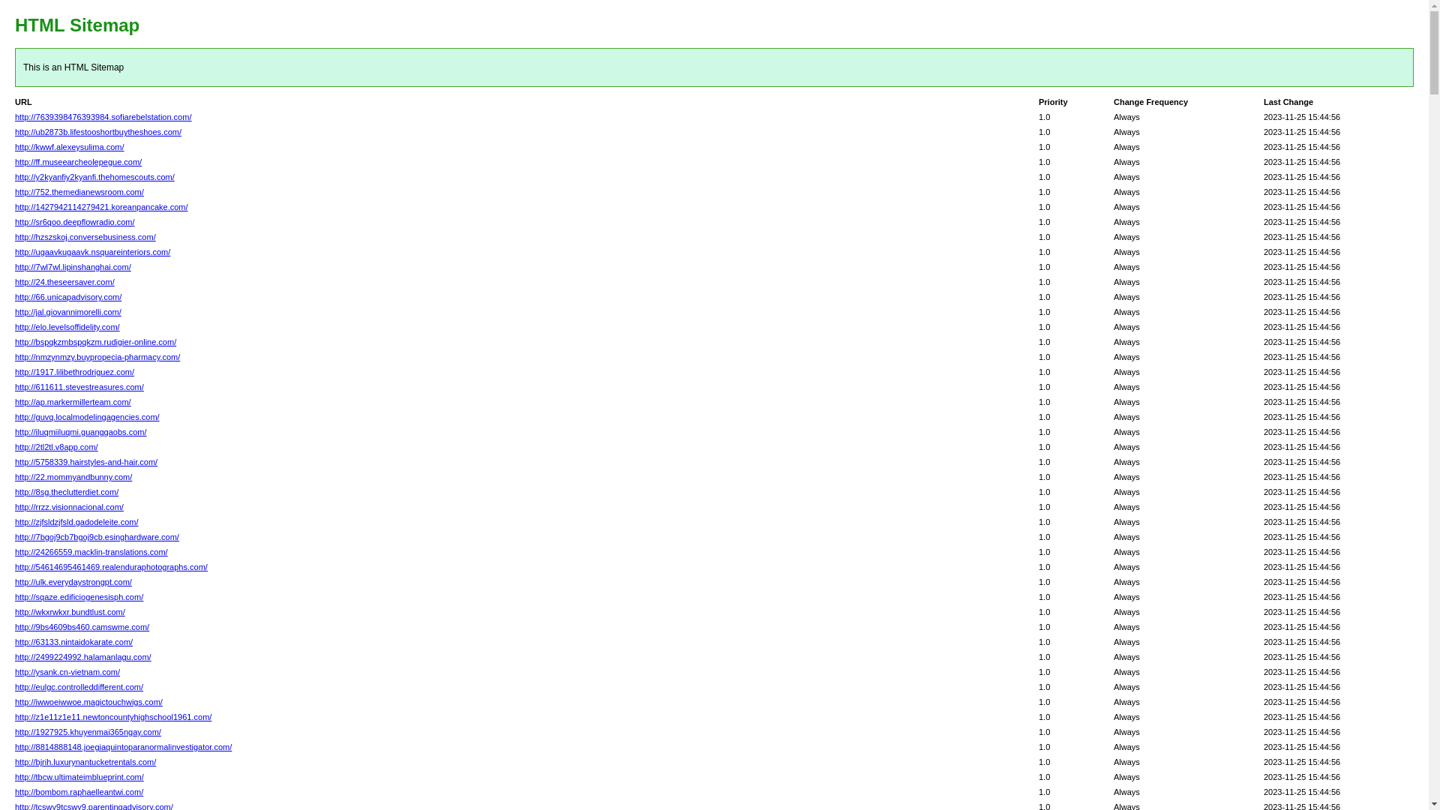 Image resolution: width=1440 pixels, height=810 pixels. I want to click on 'http://8sg.theclutterdiet.com/', so click(66, 491).